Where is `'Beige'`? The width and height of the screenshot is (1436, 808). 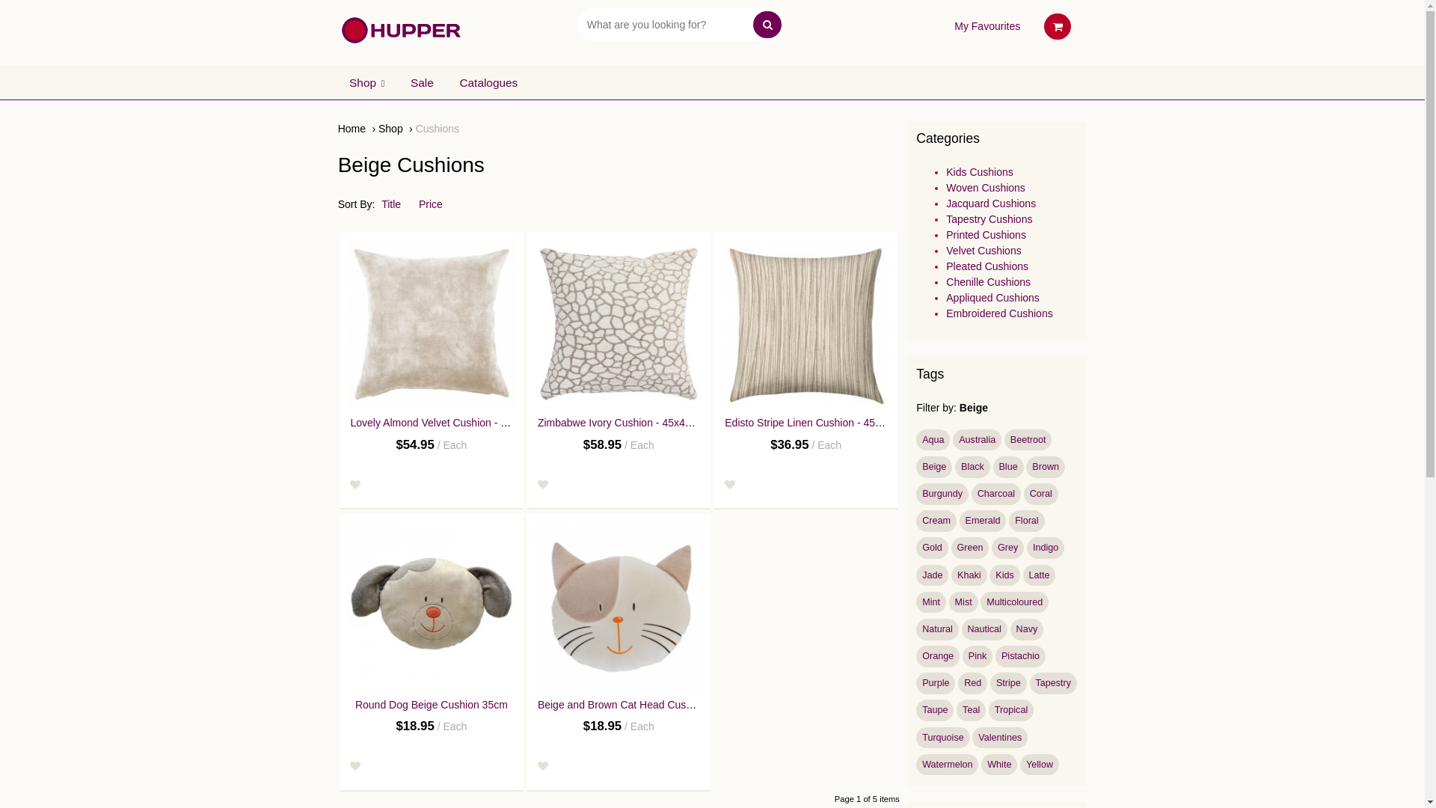
'Beige' is located at coordinates (933, 466).